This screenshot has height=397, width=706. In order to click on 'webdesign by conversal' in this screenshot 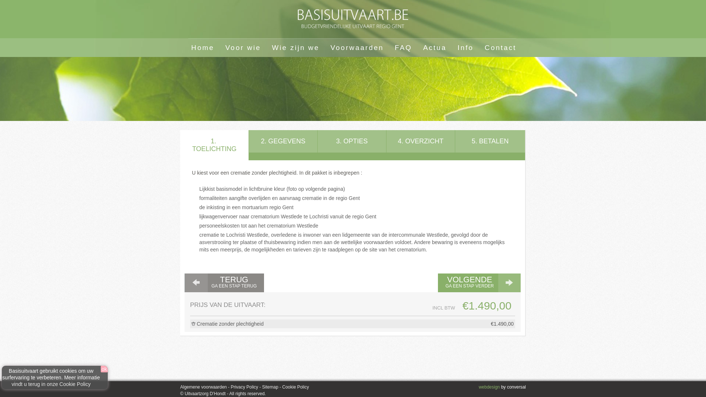, I will do `click(502, 387)`.